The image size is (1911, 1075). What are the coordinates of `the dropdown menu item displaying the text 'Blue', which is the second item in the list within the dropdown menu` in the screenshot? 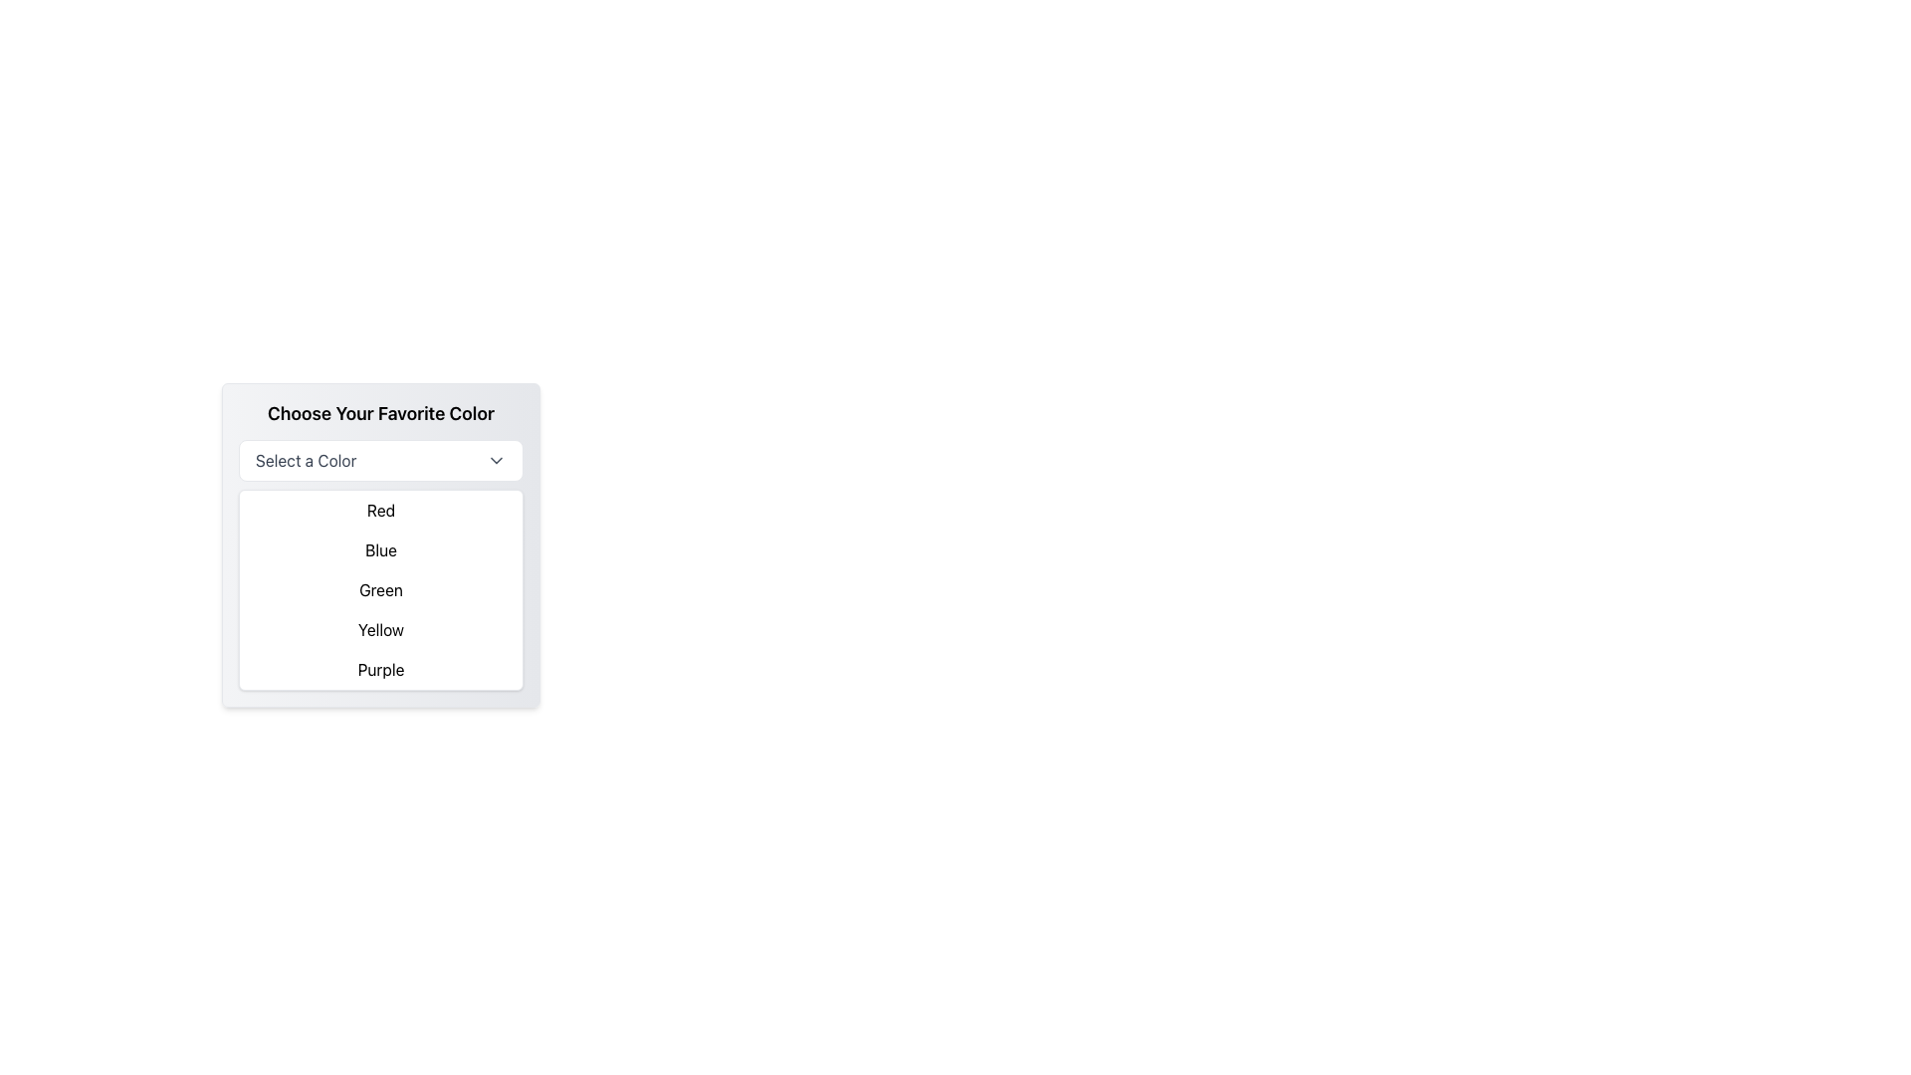 It's located at (381, 549).